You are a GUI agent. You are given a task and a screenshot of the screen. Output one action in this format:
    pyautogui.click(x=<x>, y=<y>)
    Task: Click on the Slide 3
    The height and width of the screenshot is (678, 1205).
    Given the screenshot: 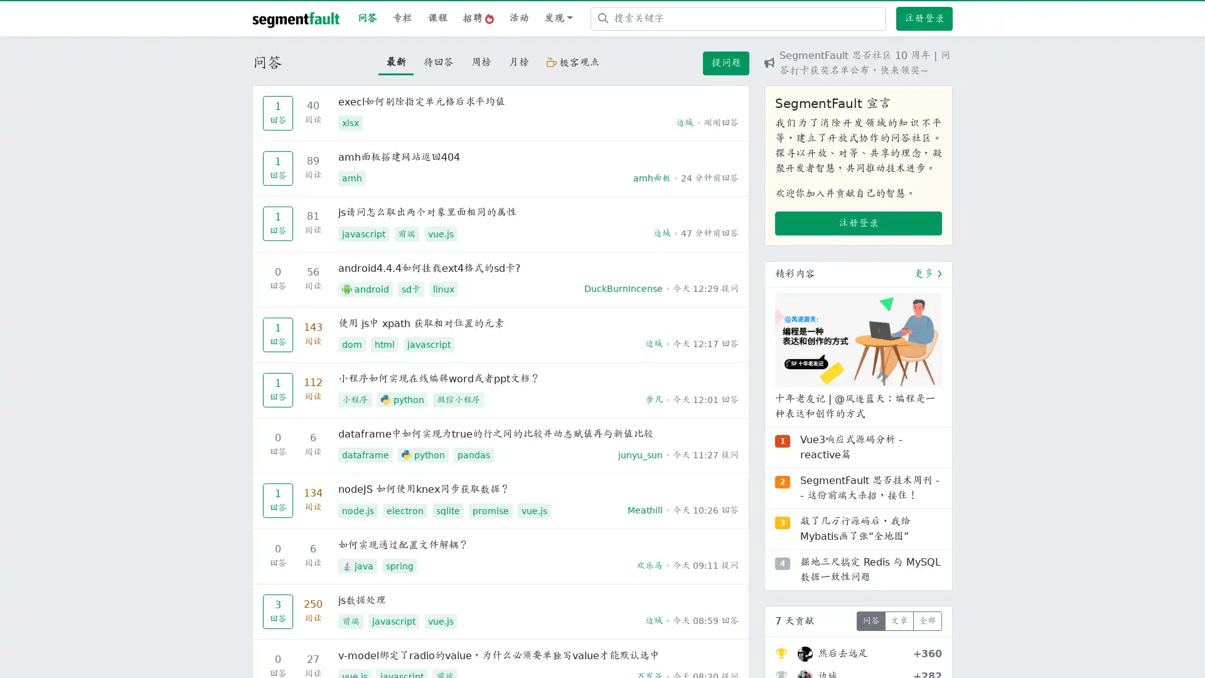 What is the action you would take?
    pyautogui.click(x=880, y=519)
    